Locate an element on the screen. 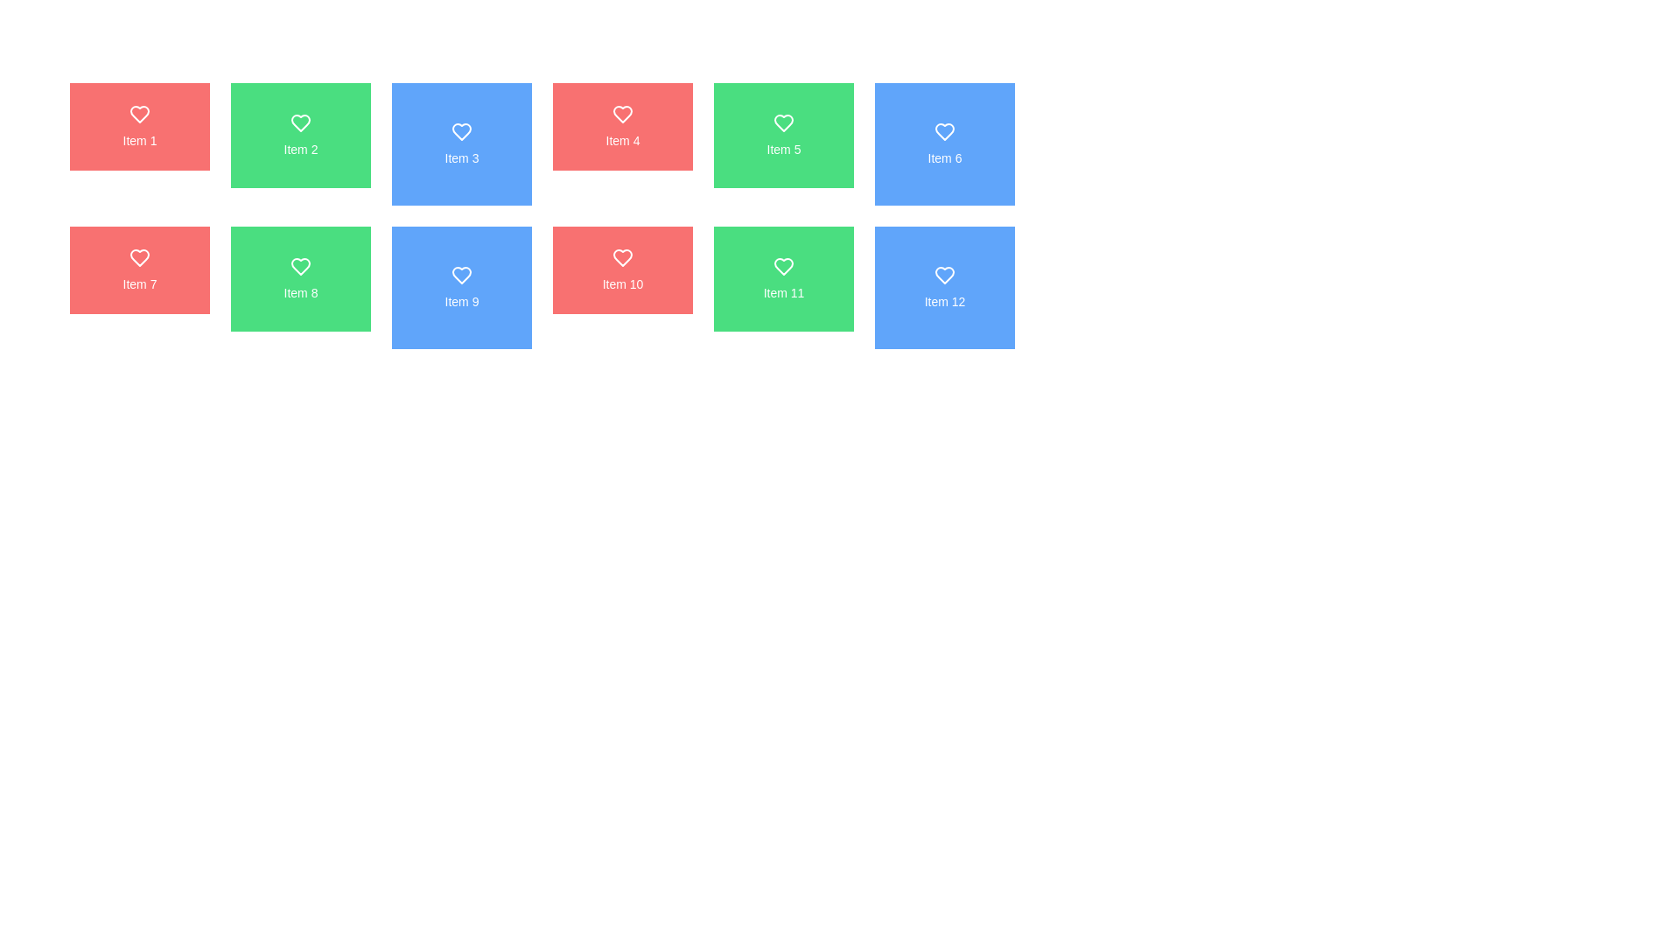 This screenshot has height=945, width=1680. the text label identifying the green rectangular block as 'Item 11', which is located in the second row and second column of the grid layout is located at coordinates (783, 292).